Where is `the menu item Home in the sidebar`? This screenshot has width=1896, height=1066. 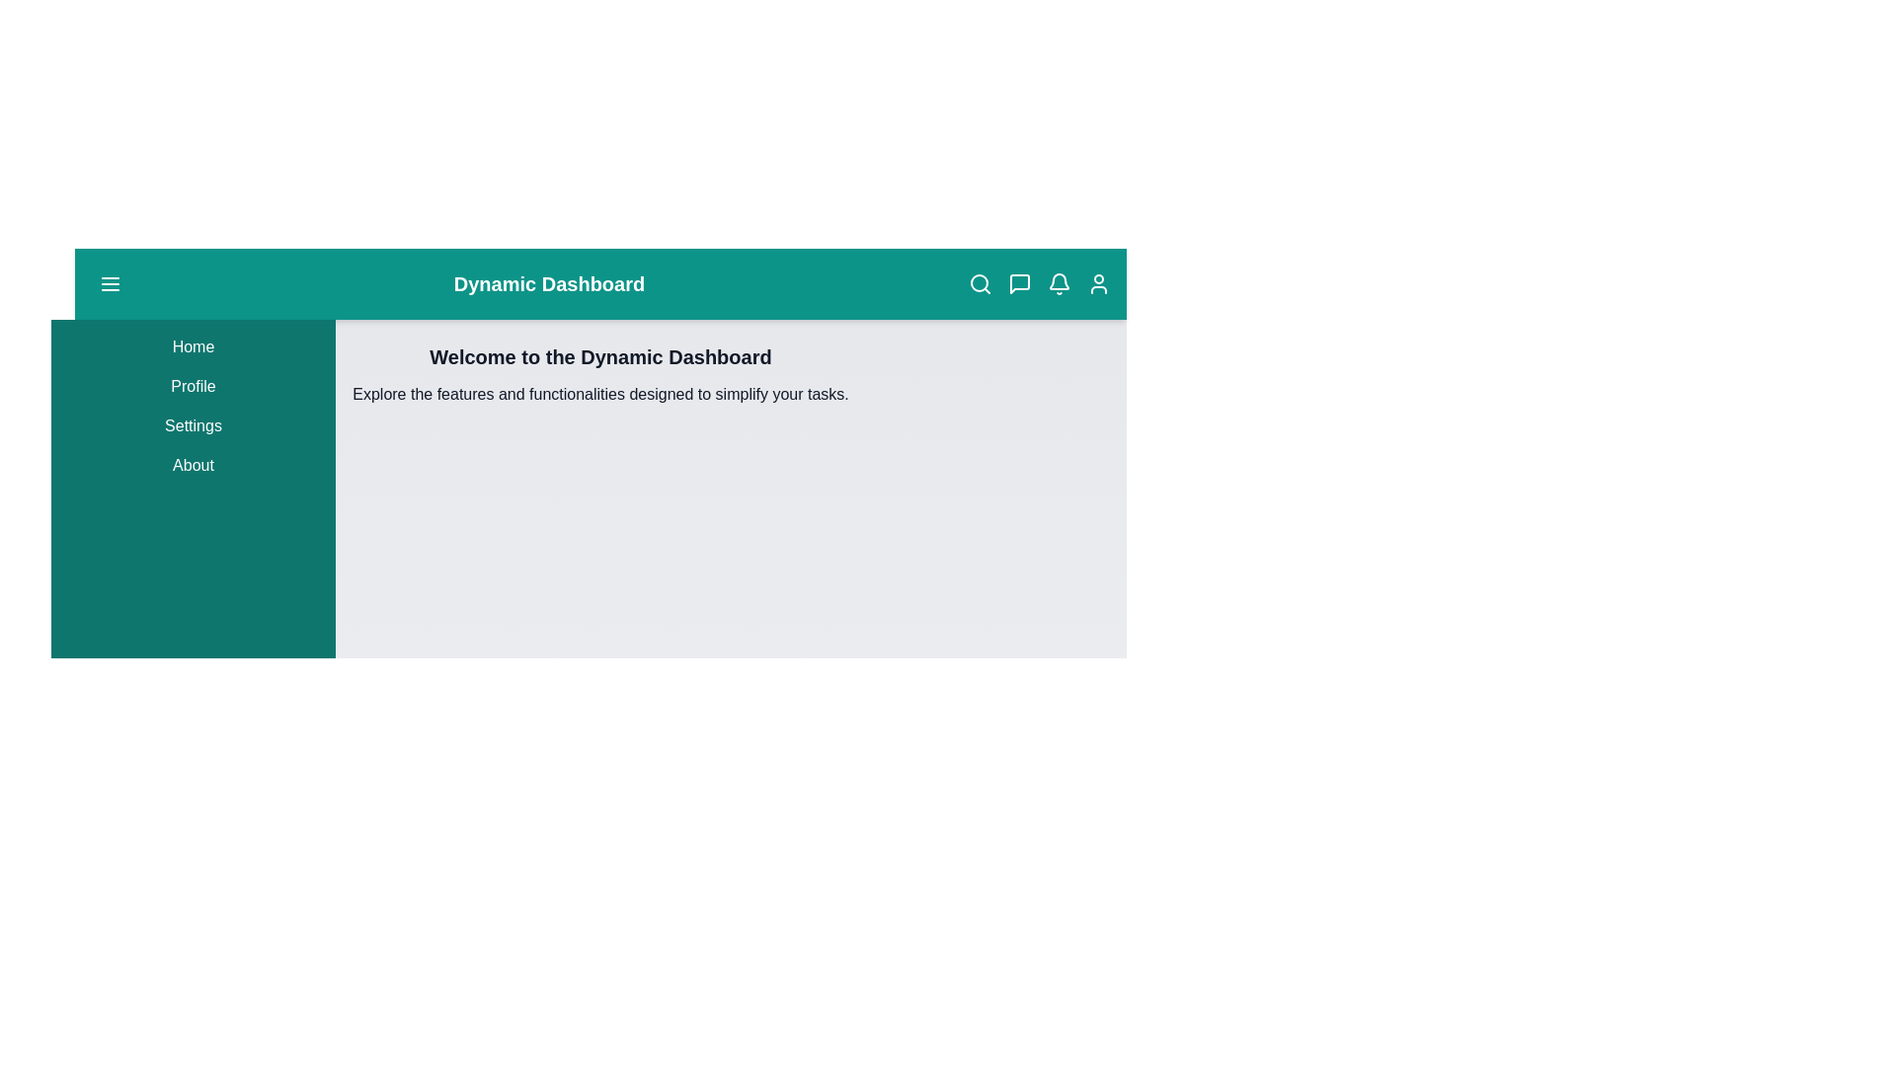
the menu item Home in the sidebar is located at coordinates (194, 345).